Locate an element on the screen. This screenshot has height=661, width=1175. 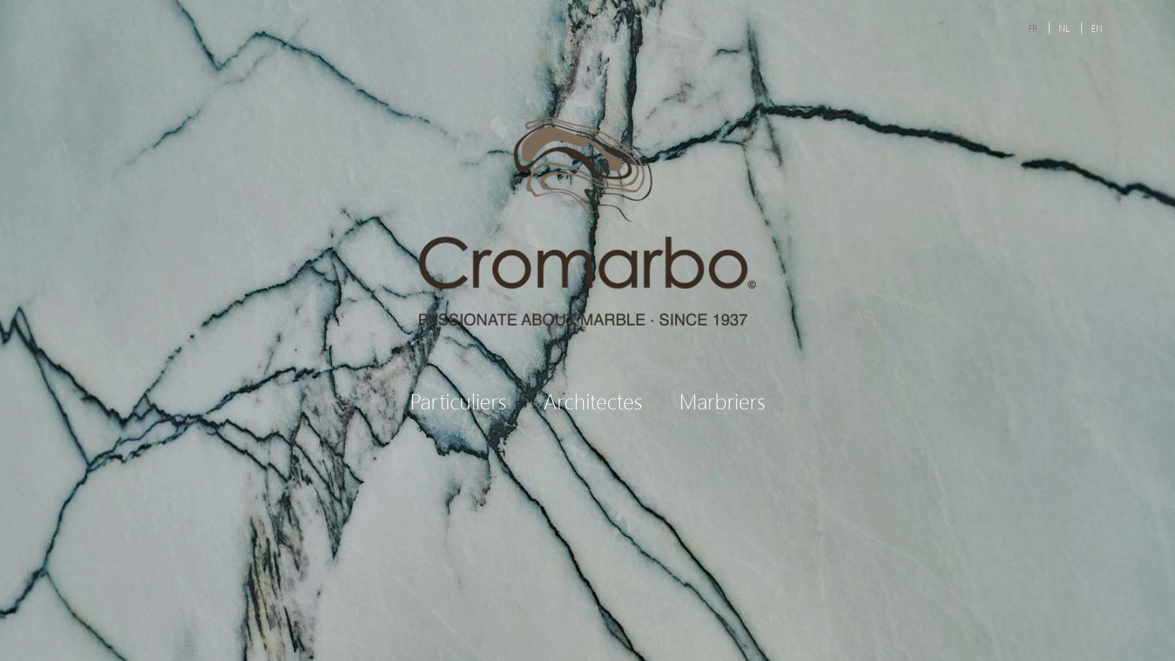
'NL' is located at coordinates (1063, 28).